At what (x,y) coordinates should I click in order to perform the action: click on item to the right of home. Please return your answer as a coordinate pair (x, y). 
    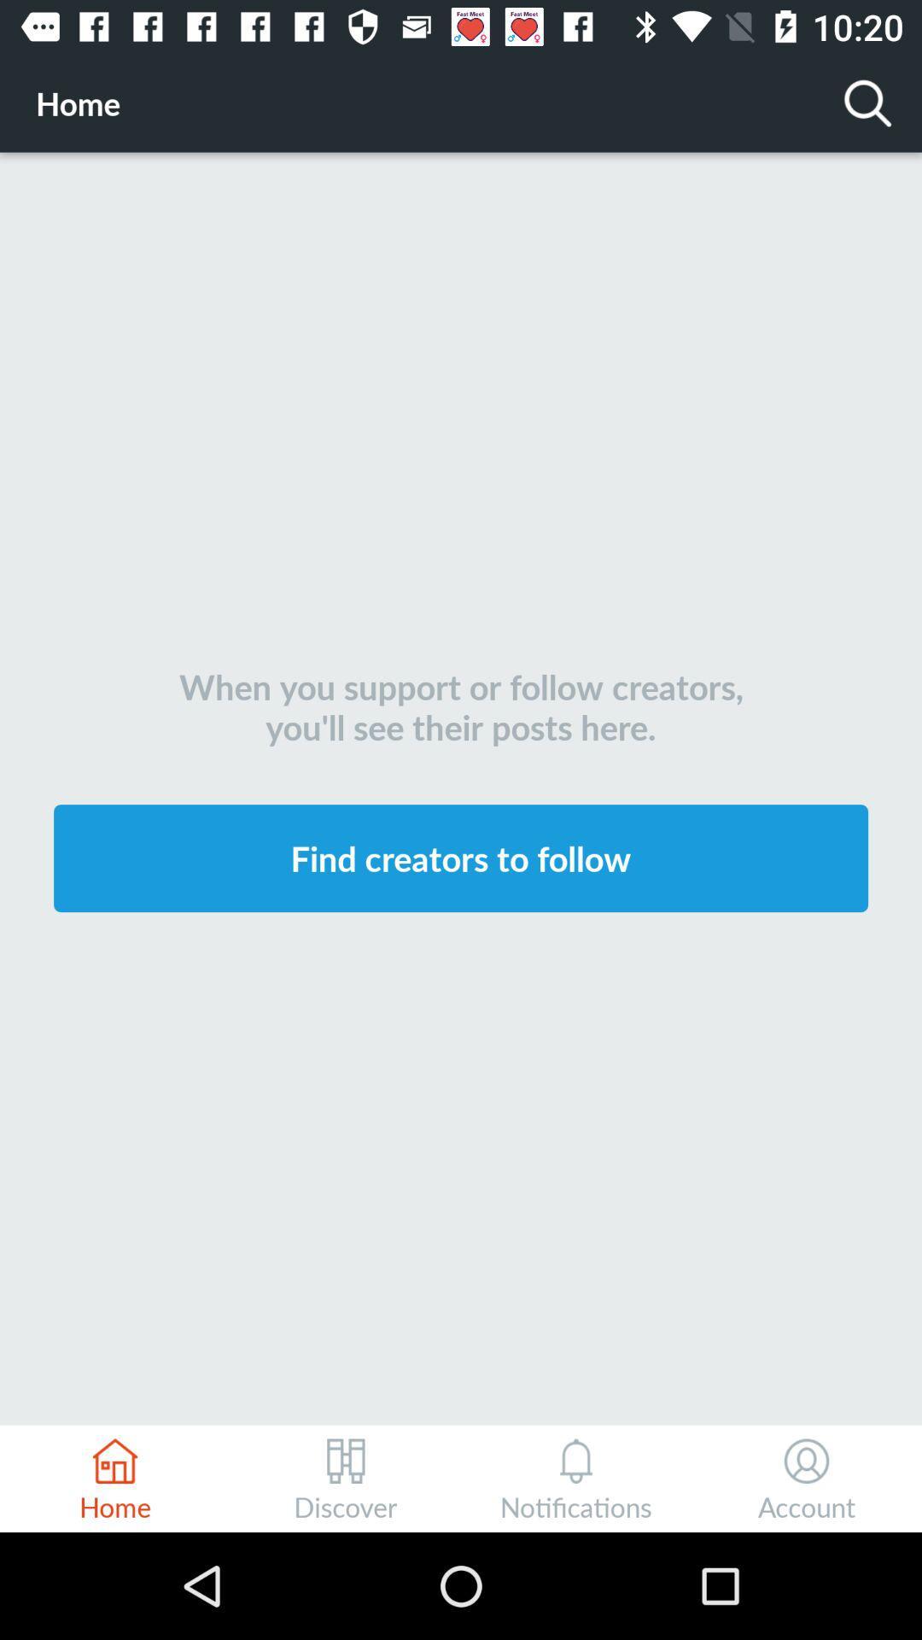
    Looking at the image, I should click on (868, 102).